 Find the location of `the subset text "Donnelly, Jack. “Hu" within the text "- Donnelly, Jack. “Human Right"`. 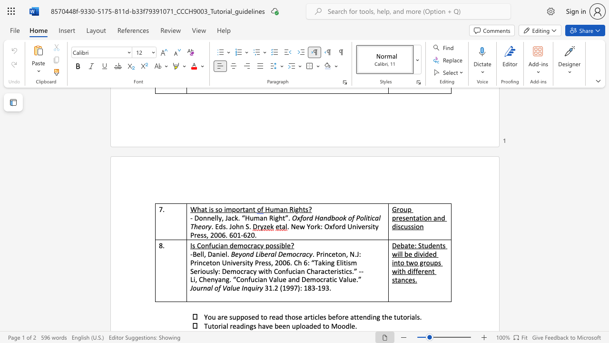

the subset text "Donnelly, Jack. “Hu" within the text "- Donnelly, Jack. “Human Right" is located at coordinates (194, 218).